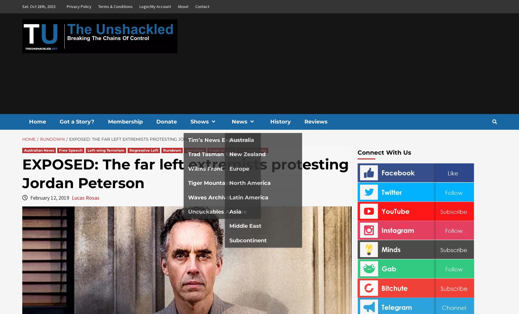 This screenshot has height=314, width=519. I want to click on 'Contact', so click(201, 7).